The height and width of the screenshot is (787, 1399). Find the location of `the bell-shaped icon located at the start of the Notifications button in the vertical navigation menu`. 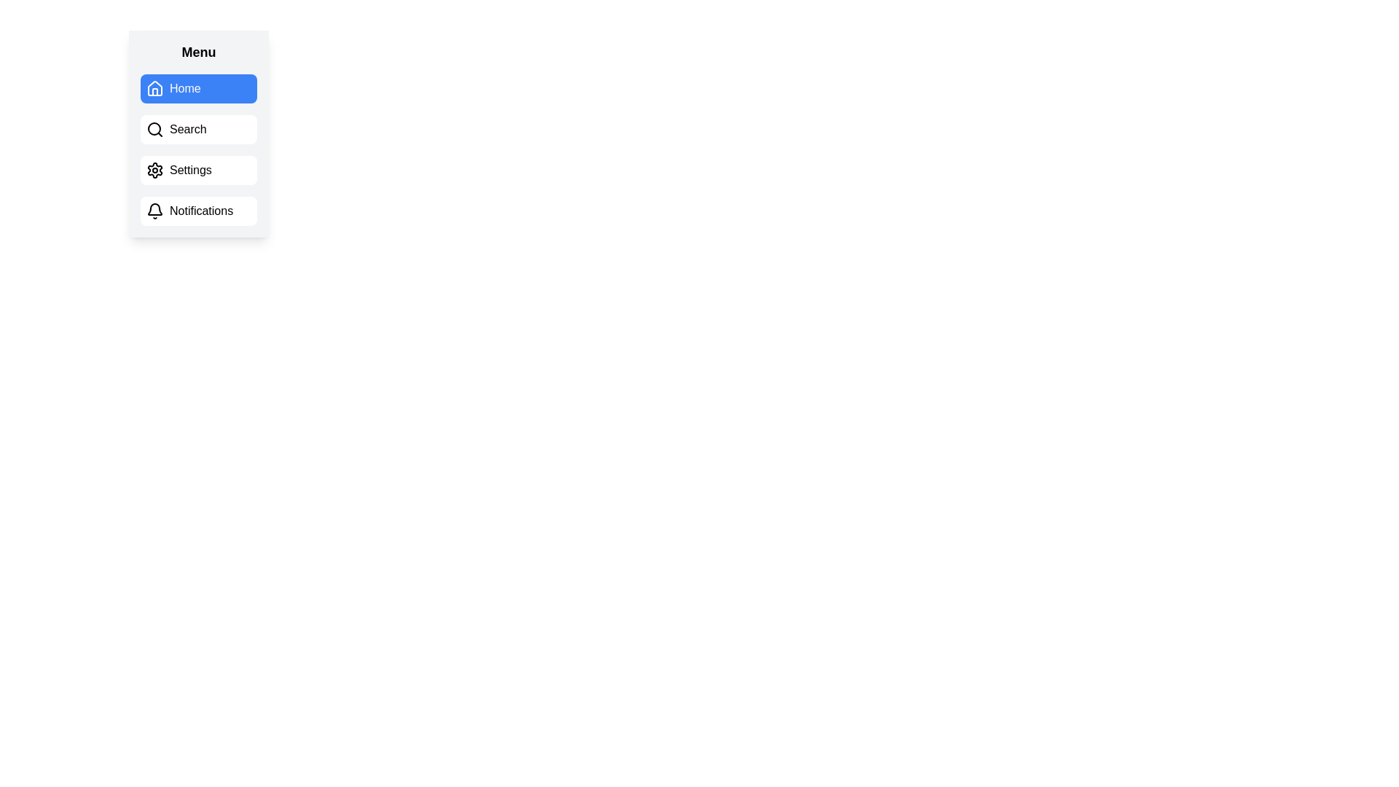

the bell-shaped icon located at the start of the Notifications button in the vertical navigation menu is located at coordinates (154, 211).